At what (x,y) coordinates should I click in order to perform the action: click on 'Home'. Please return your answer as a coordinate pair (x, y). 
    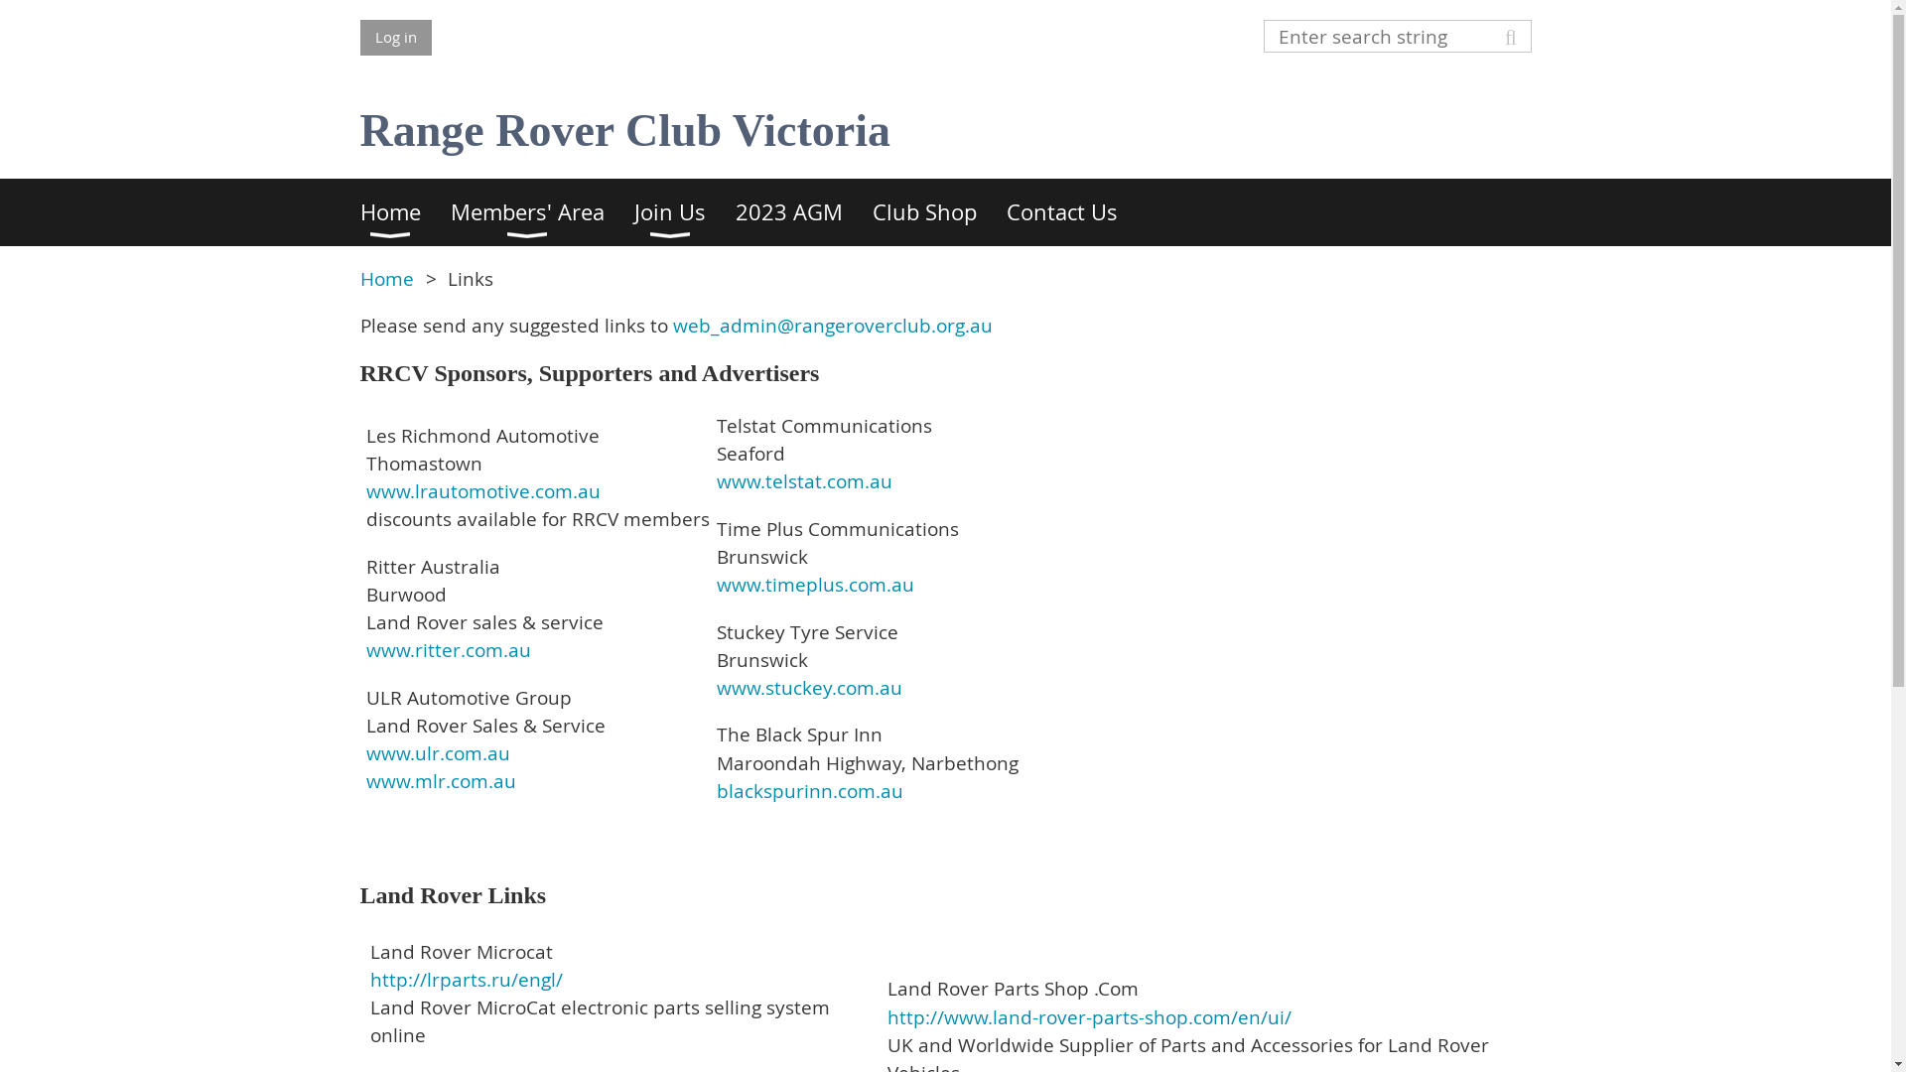
    Looking at the image, I should click on (358, 211).